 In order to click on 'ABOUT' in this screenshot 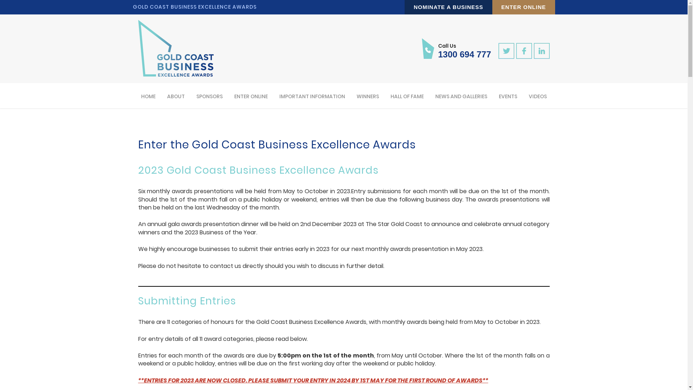, I will do `click(176, 95)`.